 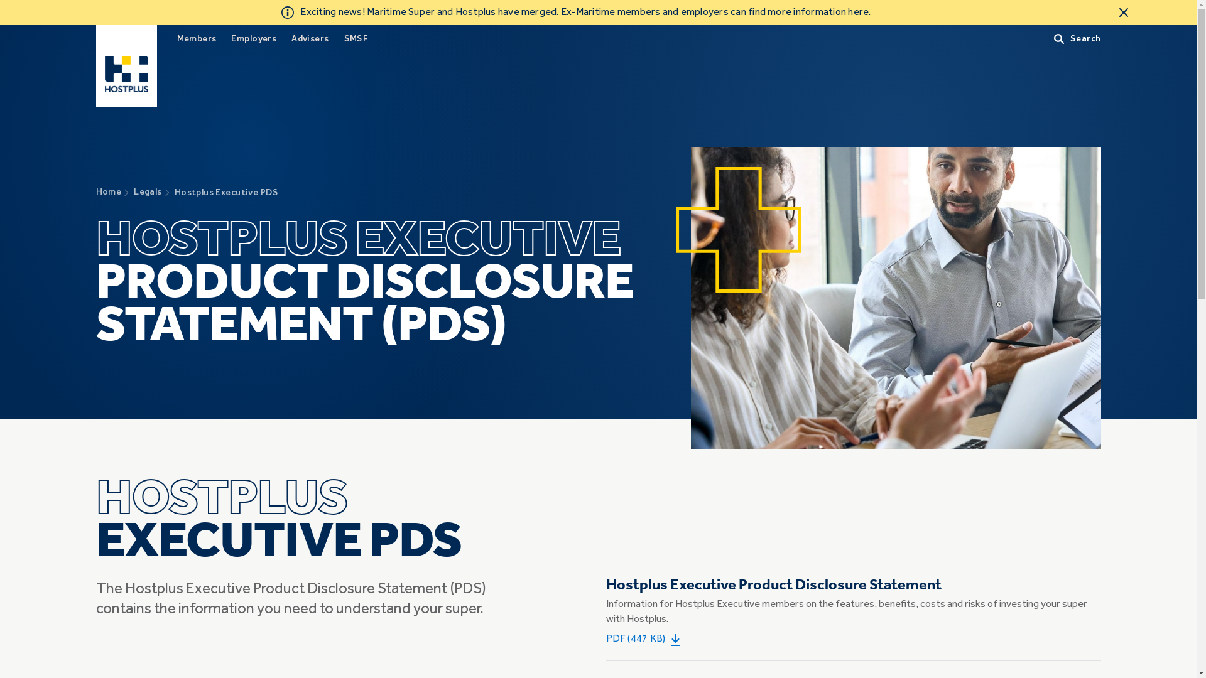 What do you see at coordinates (253, 38) in the screenshot?
I see `'Employers'` at bounding box center [253, 38].